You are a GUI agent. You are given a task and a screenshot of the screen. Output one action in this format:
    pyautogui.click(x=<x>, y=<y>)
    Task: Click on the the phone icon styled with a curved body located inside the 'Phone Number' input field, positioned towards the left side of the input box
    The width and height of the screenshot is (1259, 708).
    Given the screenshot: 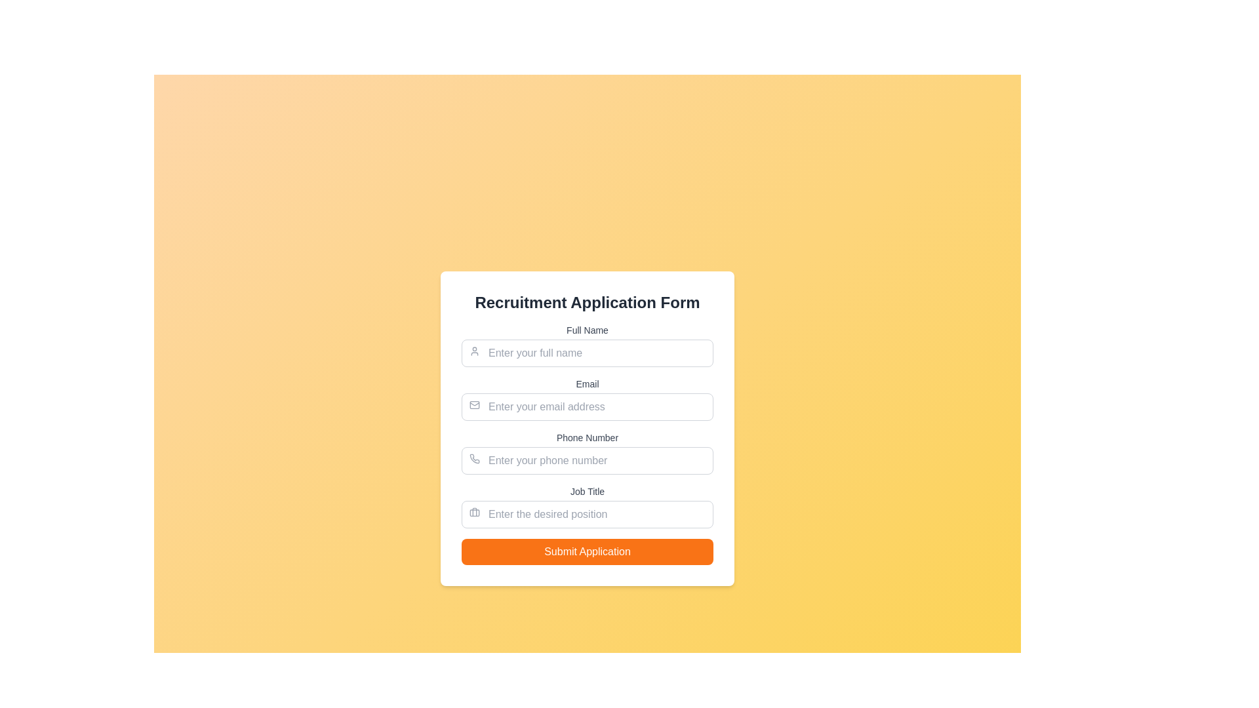 What is the action you would take?
    pyautogui.click(x=474, y=458)
    